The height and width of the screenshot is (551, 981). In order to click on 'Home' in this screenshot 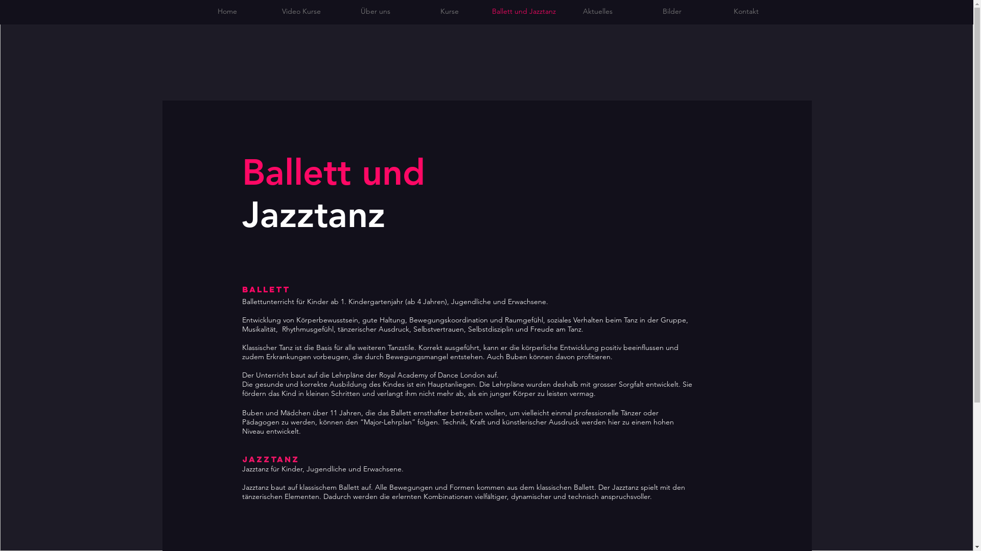, I will do `click(226, 11)`.